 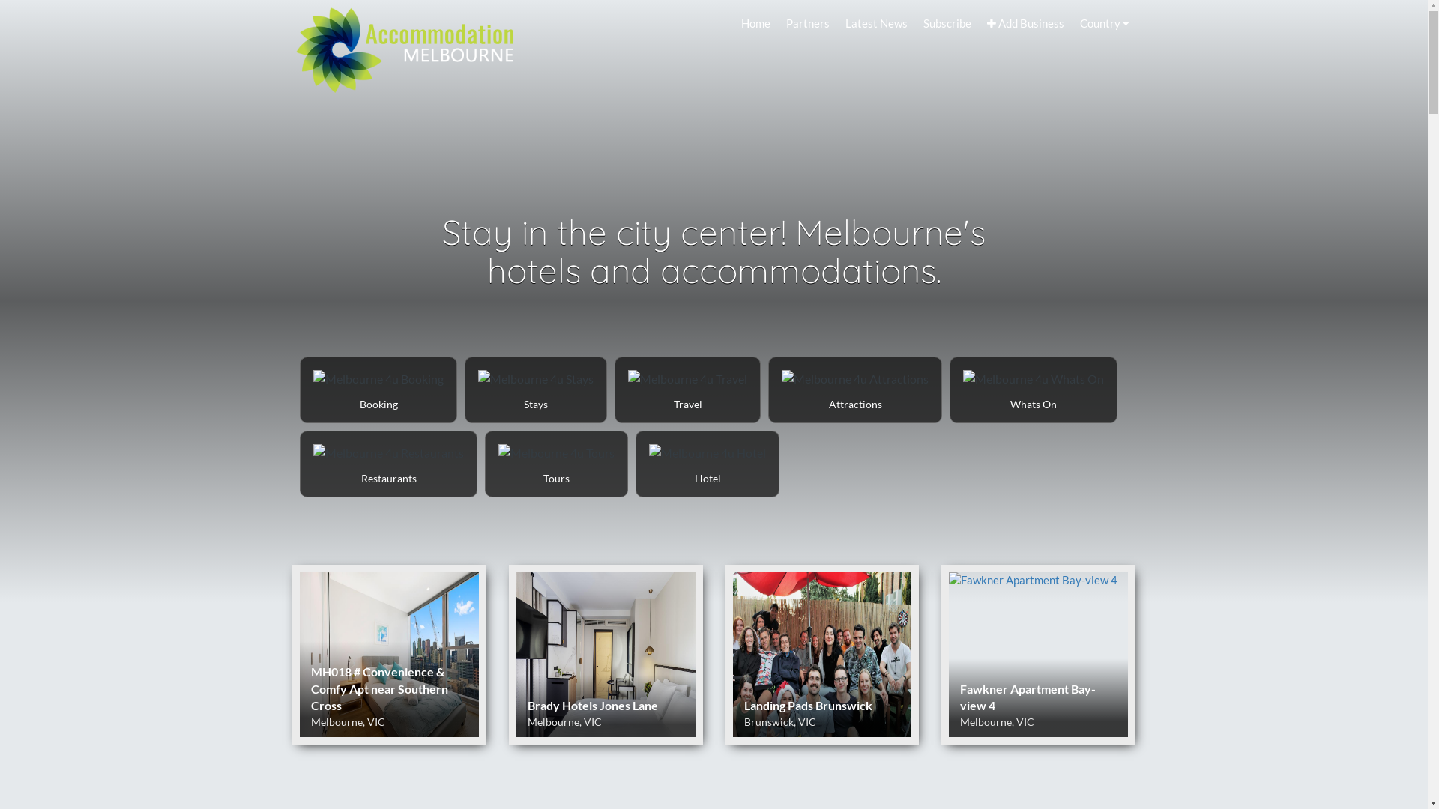 What do you see at coordinates (876, 22) in the screenshot?
I see `'Latest News'` at bounding box center [876, 22].